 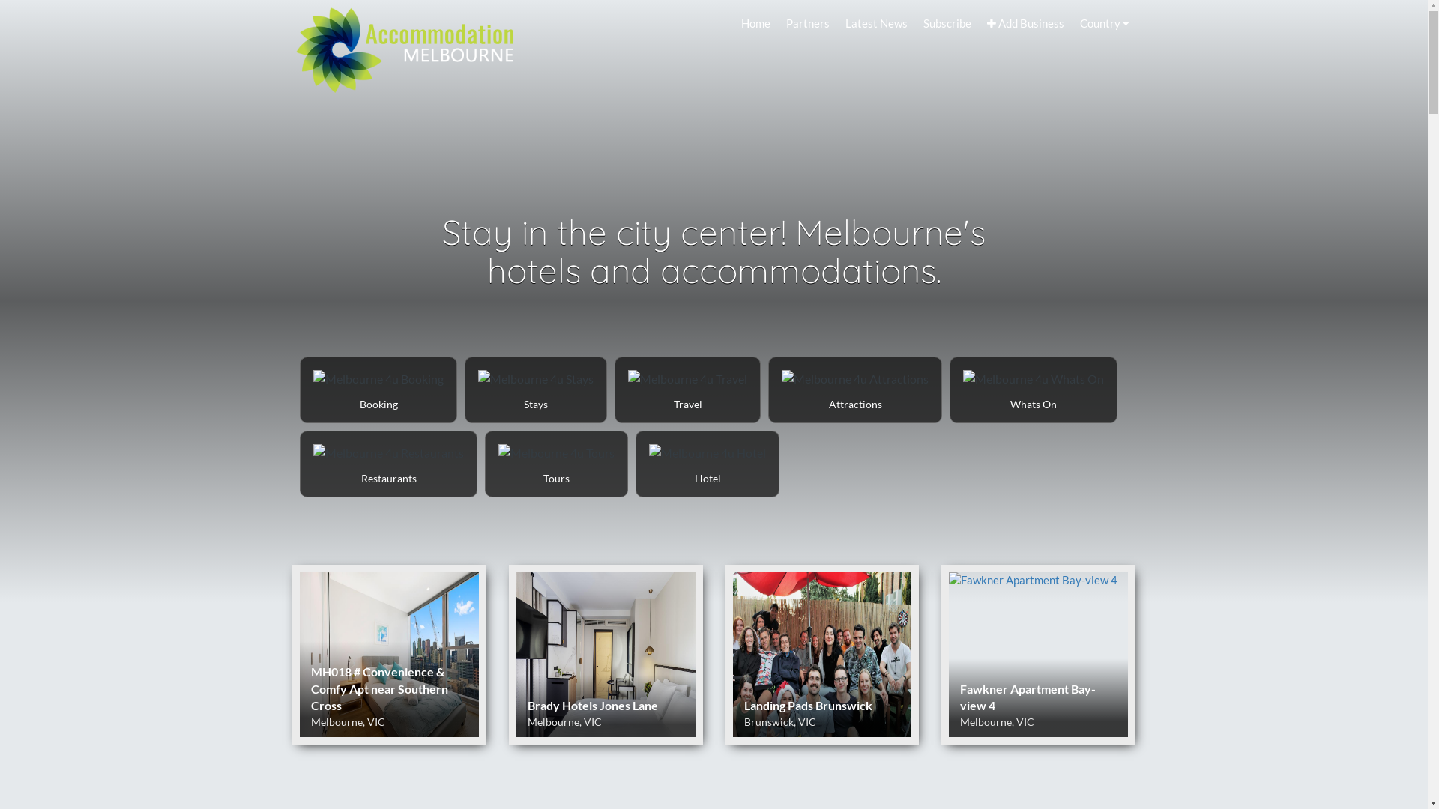 What do you see at coordinates (876, 22) in the screenshot?
I see `'Latest News'` at bounding box center [876, 22].